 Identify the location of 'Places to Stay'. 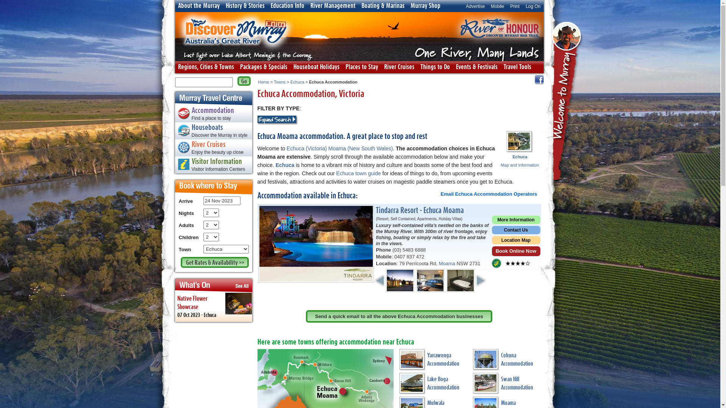
(361, 66).